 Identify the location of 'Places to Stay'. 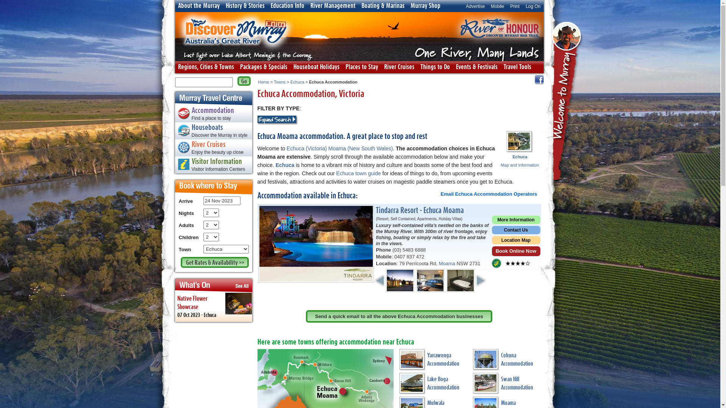
(361, 66).